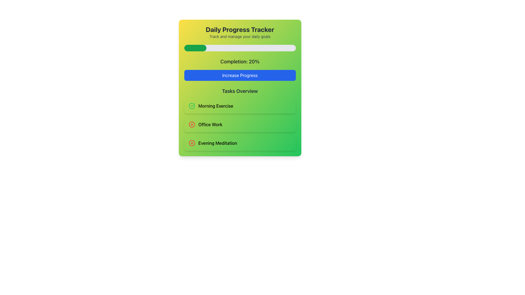 The image size is (525, 295). Describe the element at coordinates (240, 143) in the screenshot. I see `the list item representing the incomplete task named 'Evening Meditation' in the 'Tasks Overview' section` at that location.